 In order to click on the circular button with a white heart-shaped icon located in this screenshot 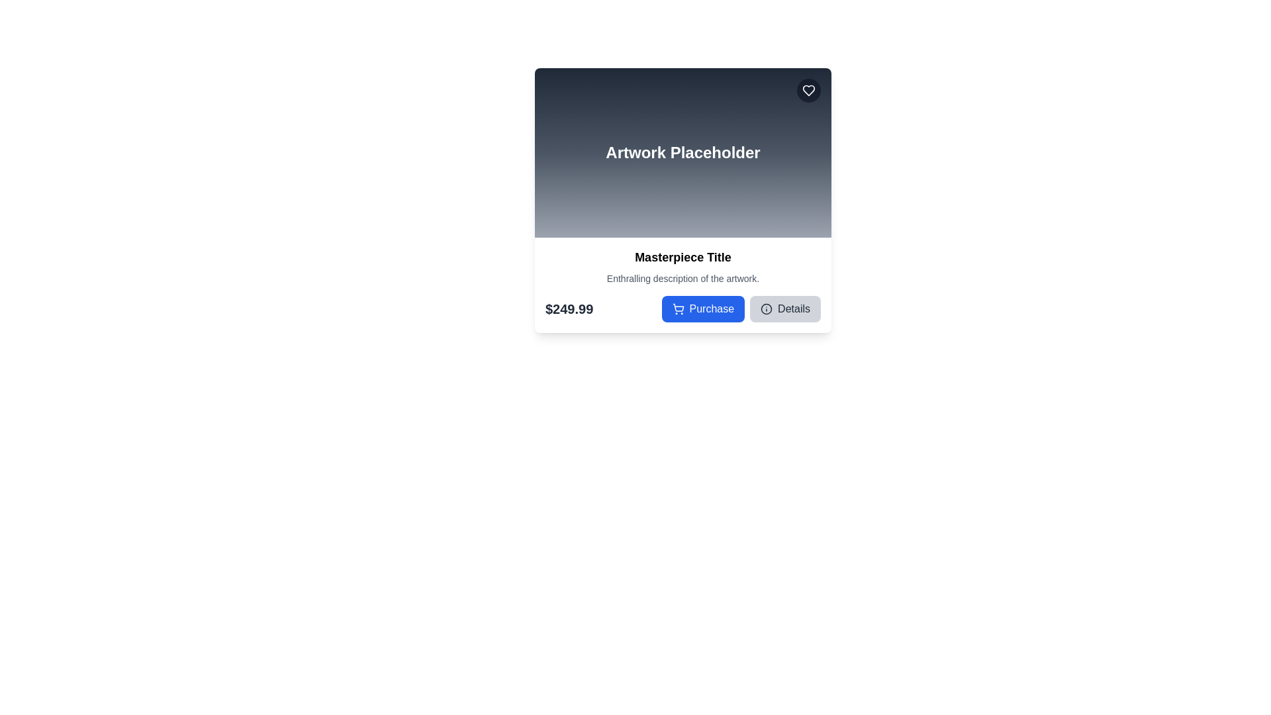, I will do `click(808, 90)`.